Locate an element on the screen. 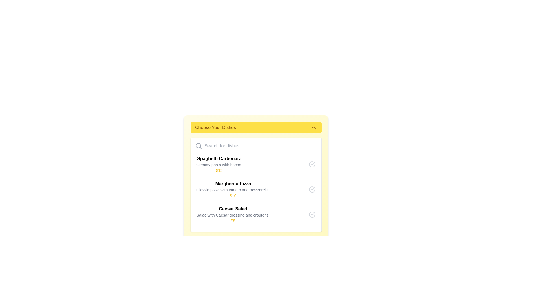 This screenshot has height=305, width=542. the Dropdown toggle button labeled 'Choose Your Dishes' with a bright yellow background is located at coordinates (256, 127).